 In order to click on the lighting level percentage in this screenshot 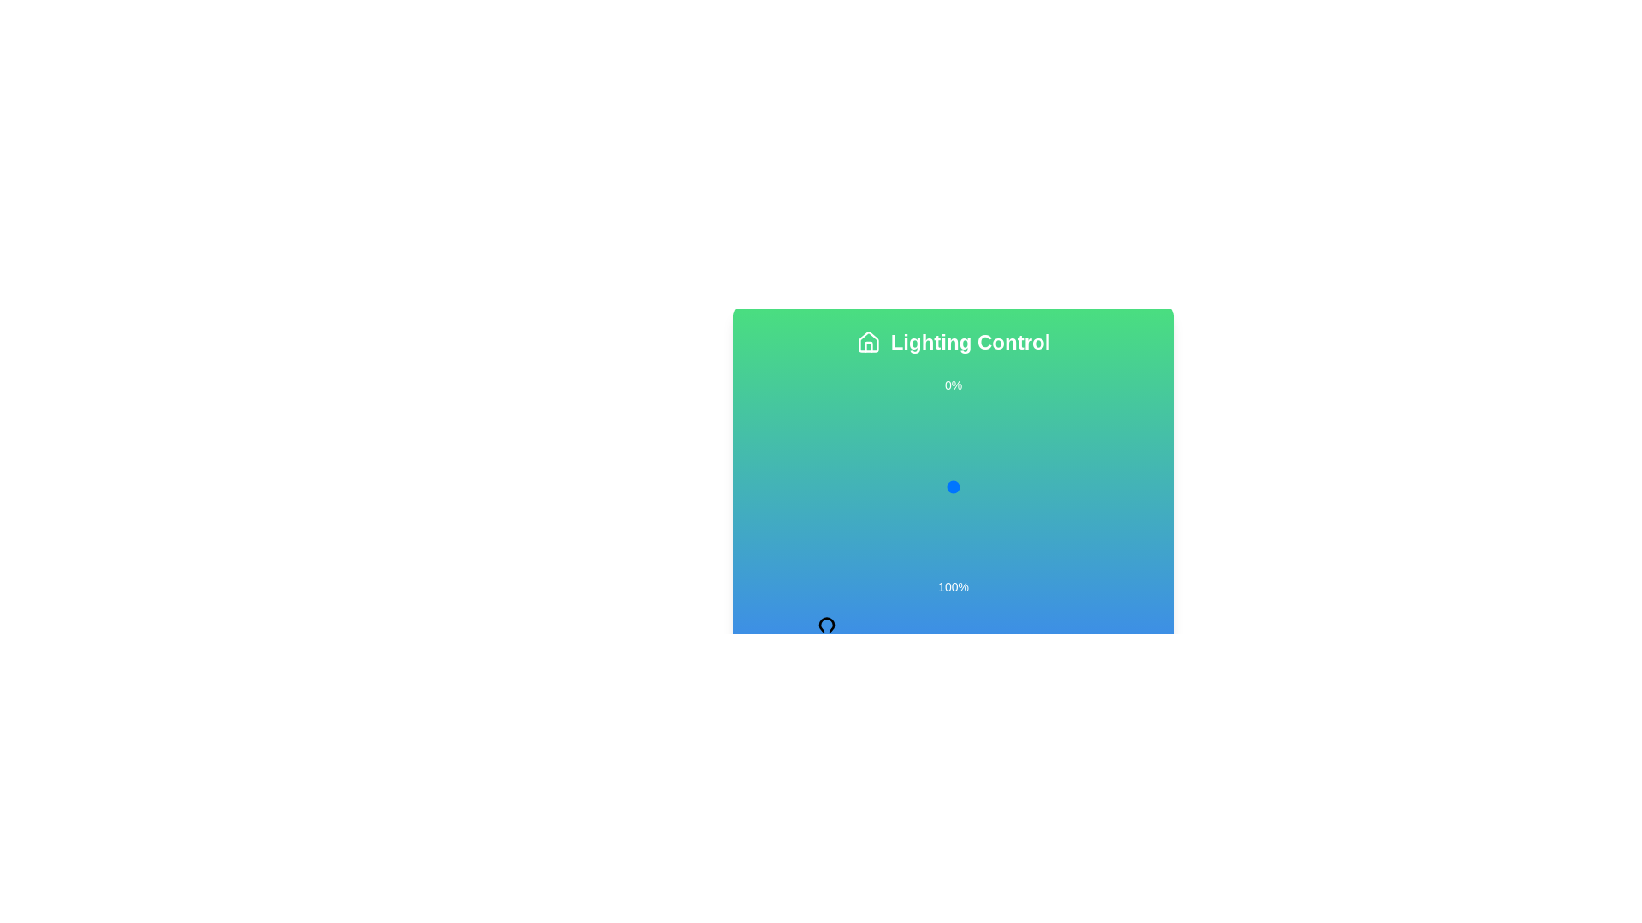, I will do `click(926, 486)`.